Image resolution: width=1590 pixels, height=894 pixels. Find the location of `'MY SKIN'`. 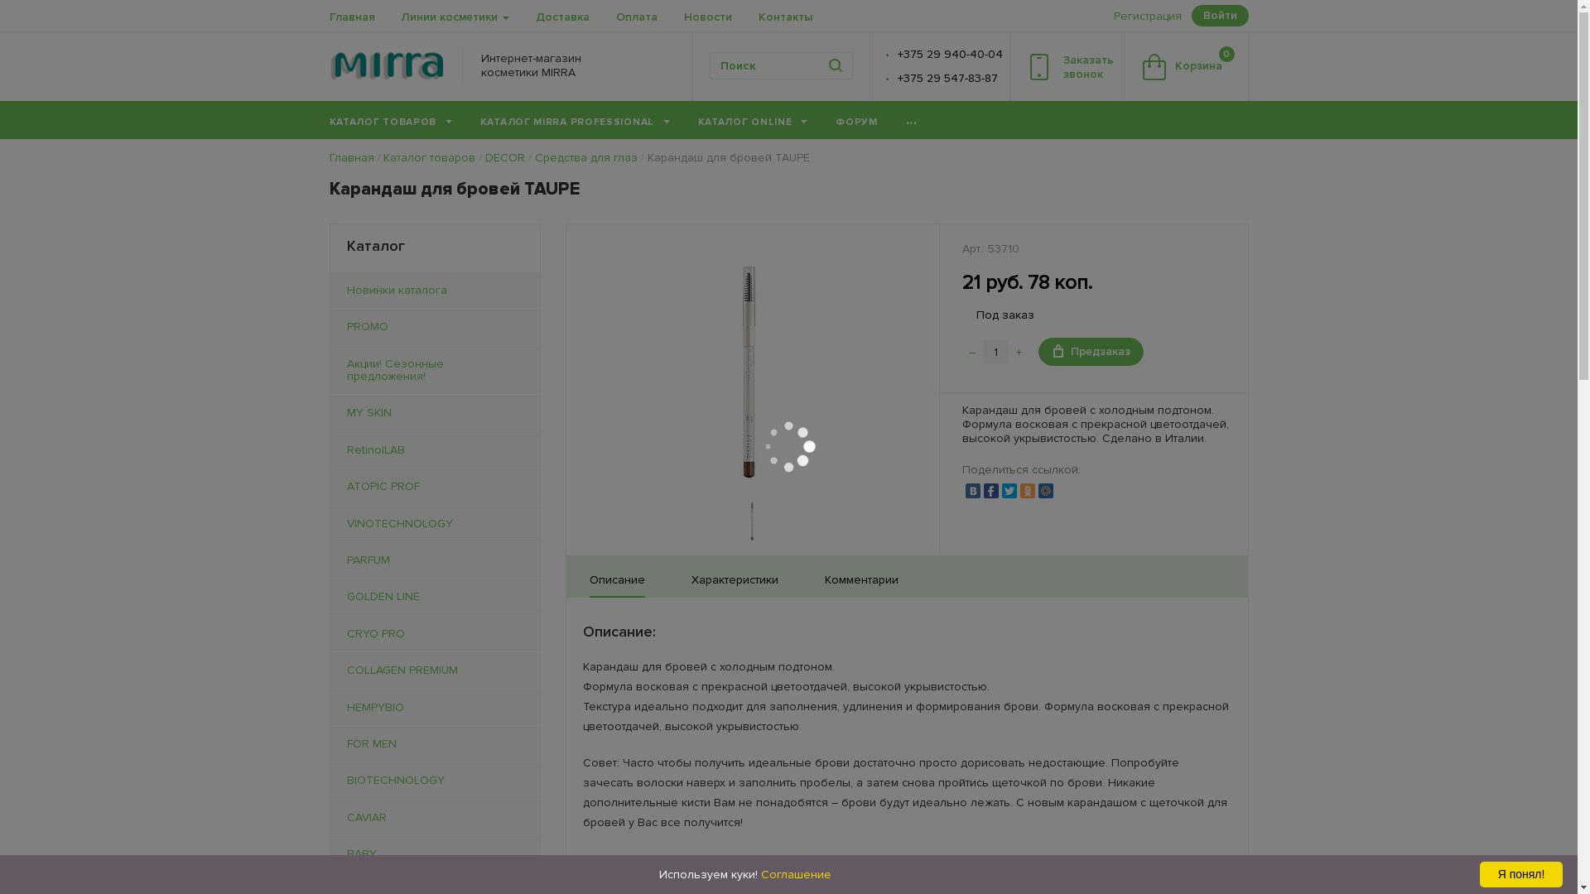

'MY SKIN' is located at coordinates (434, 411).